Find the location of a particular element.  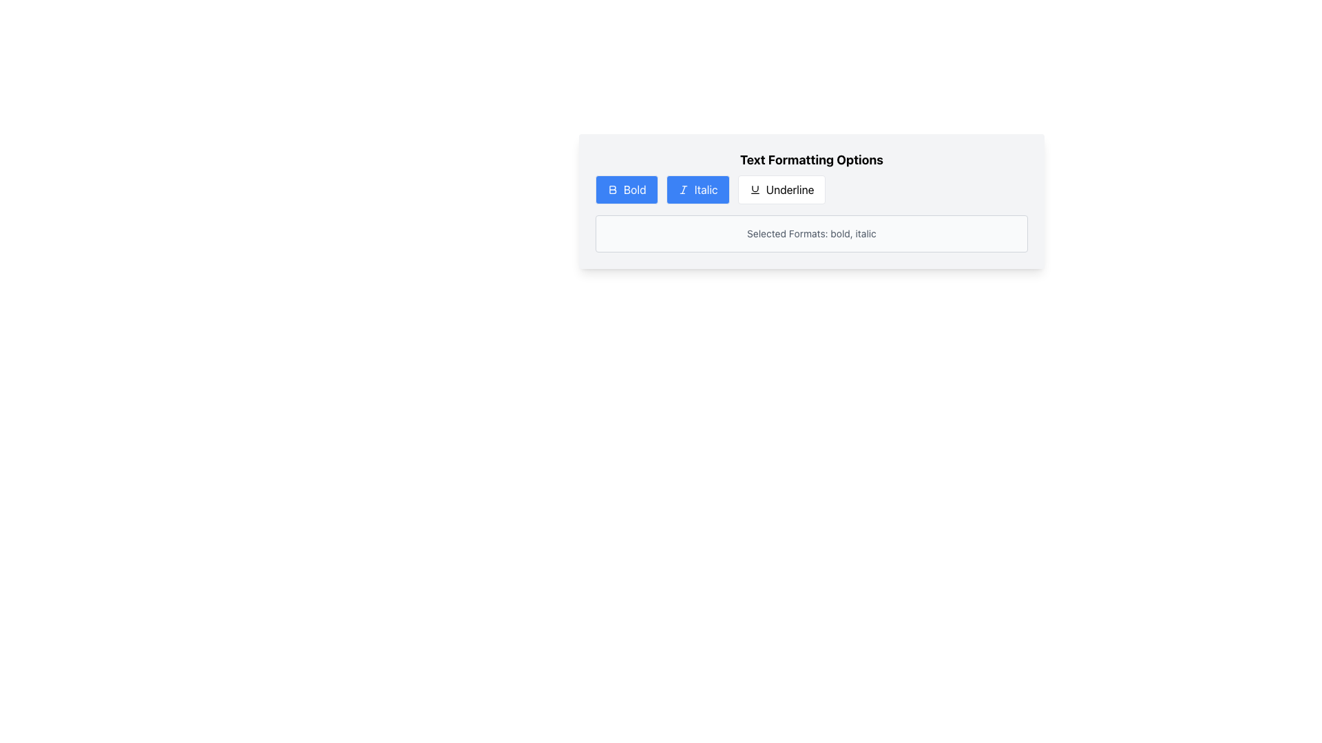

the underline icon, which is the third button in the horizontal row of text formatting options labeled 'Underline' is located at coordinates (754, 190).